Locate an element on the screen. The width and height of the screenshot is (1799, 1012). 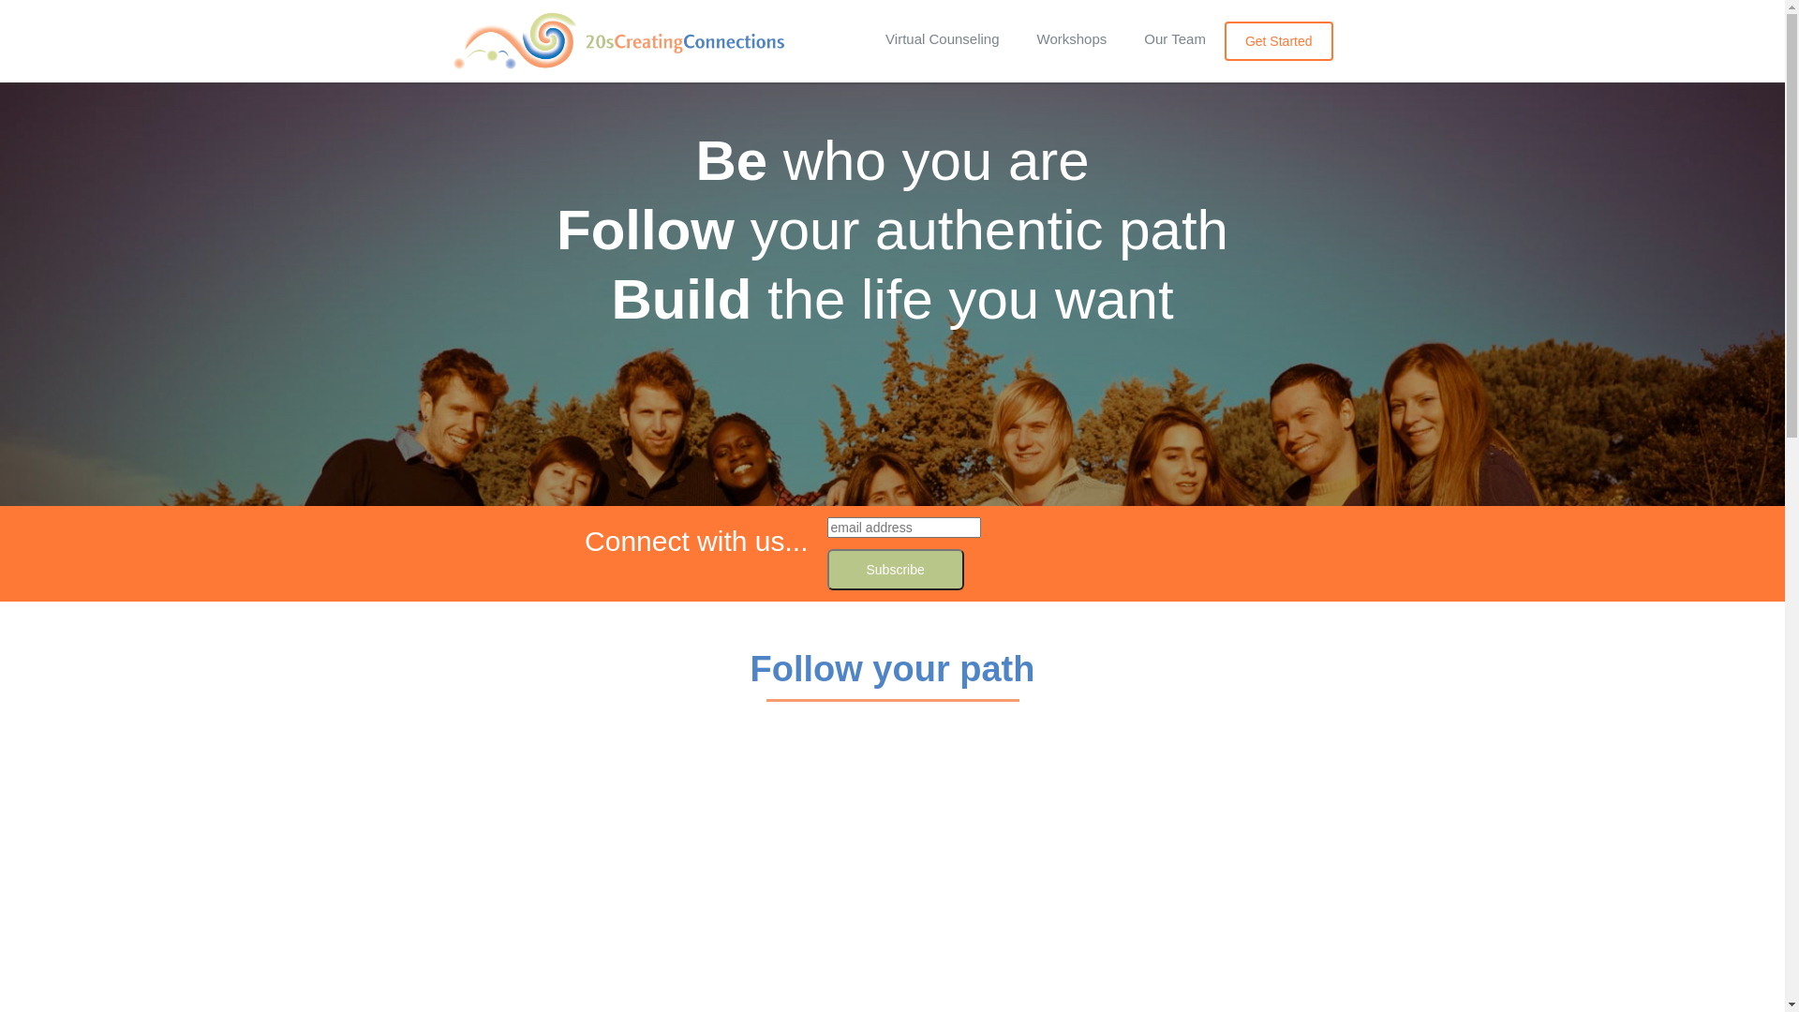
'Get Started' is located at coordinates (1224, 40).